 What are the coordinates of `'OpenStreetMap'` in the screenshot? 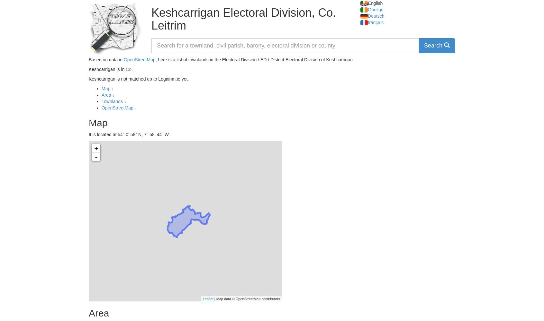 It's located at (123, 60).